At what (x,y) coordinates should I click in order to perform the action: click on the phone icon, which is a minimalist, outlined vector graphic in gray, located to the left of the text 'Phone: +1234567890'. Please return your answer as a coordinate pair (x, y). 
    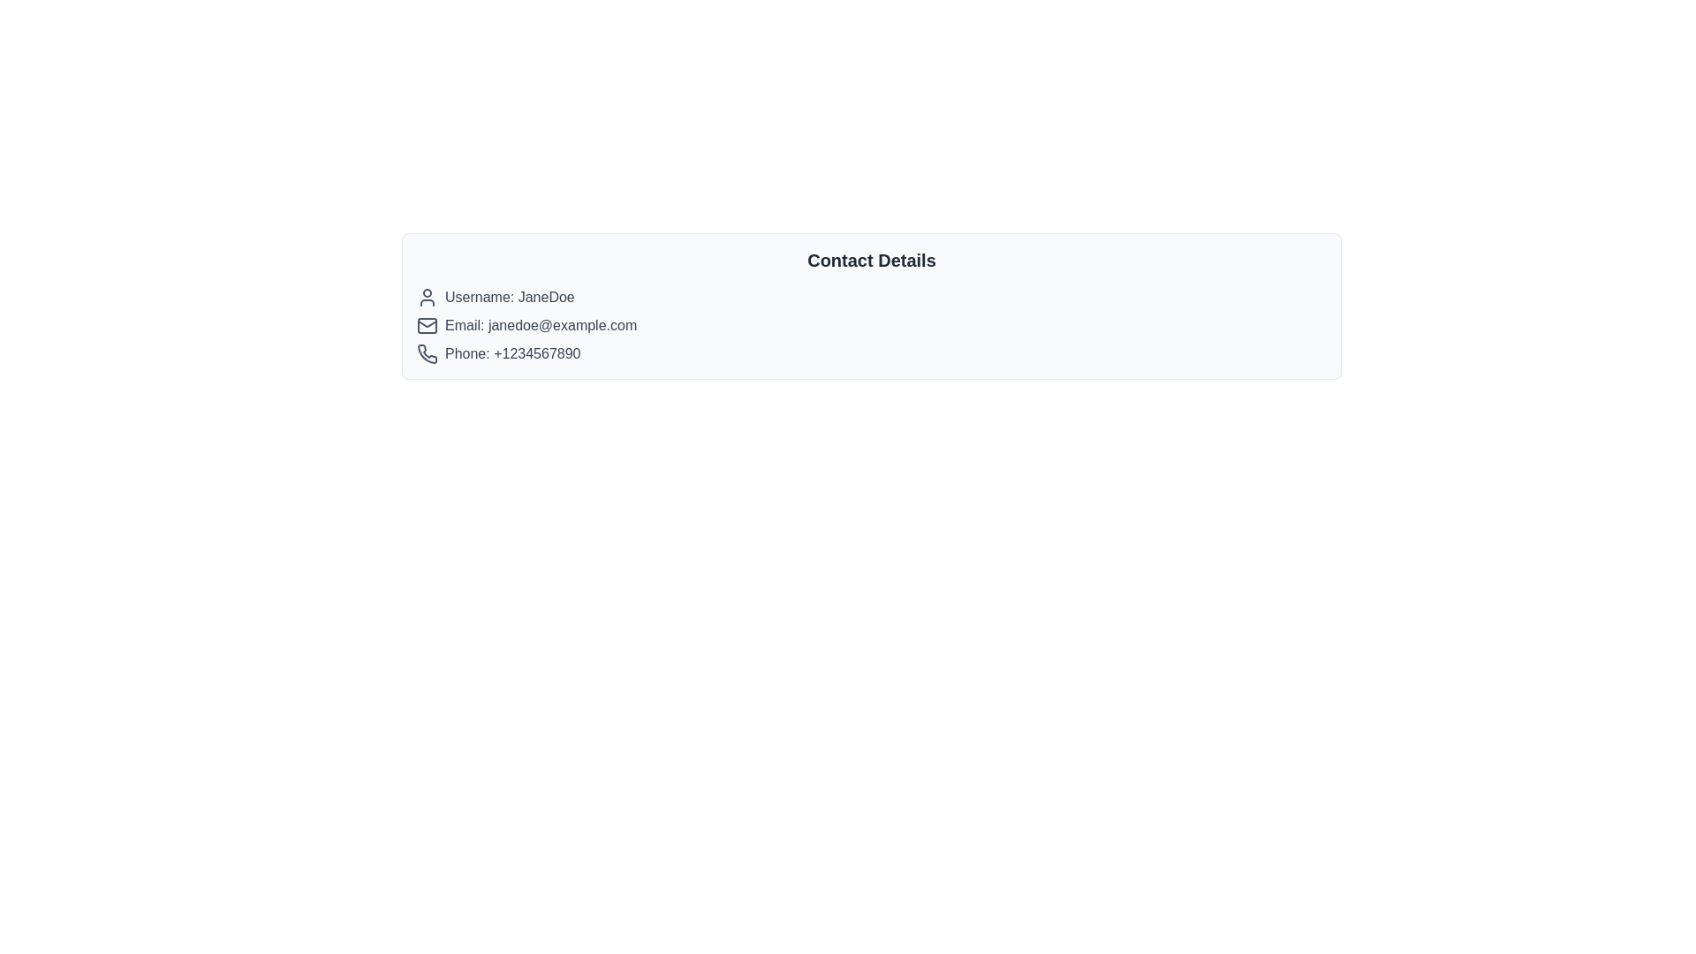
    Looking at the image, I should click on (428, 354).